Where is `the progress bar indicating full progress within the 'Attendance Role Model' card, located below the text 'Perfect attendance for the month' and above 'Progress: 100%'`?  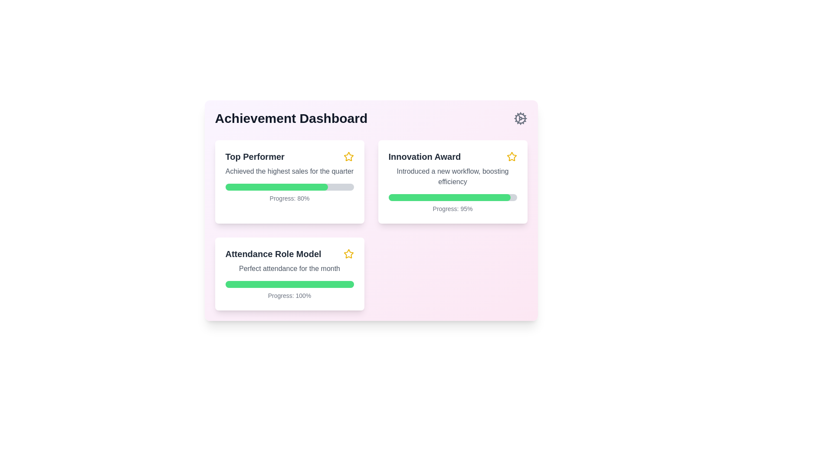 the progress bar indicating full progress within the 'Attendance Role Model' card, located below the text 'Perfect attendance for the month' and above 'Progress: 100%' is located at coordinates (289, 284).